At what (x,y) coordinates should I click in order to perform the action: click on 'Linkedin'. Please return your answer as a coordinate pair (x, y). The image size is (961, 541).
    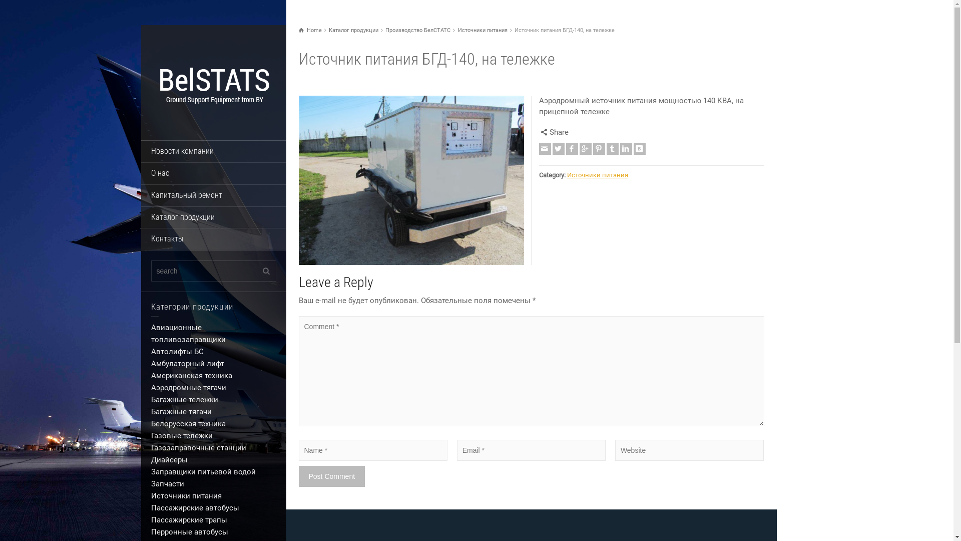
    Looking at the image, I should click on (625, 149).